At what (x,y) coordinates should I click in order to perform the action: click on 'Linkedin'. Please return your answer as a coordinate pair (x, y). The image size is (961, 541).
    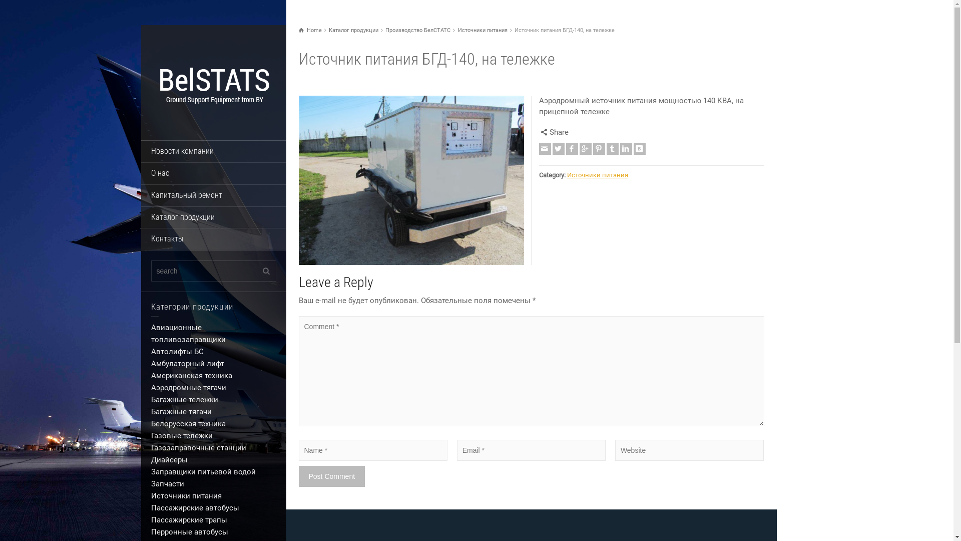
    Looking at the image, I should click on (625, 149).